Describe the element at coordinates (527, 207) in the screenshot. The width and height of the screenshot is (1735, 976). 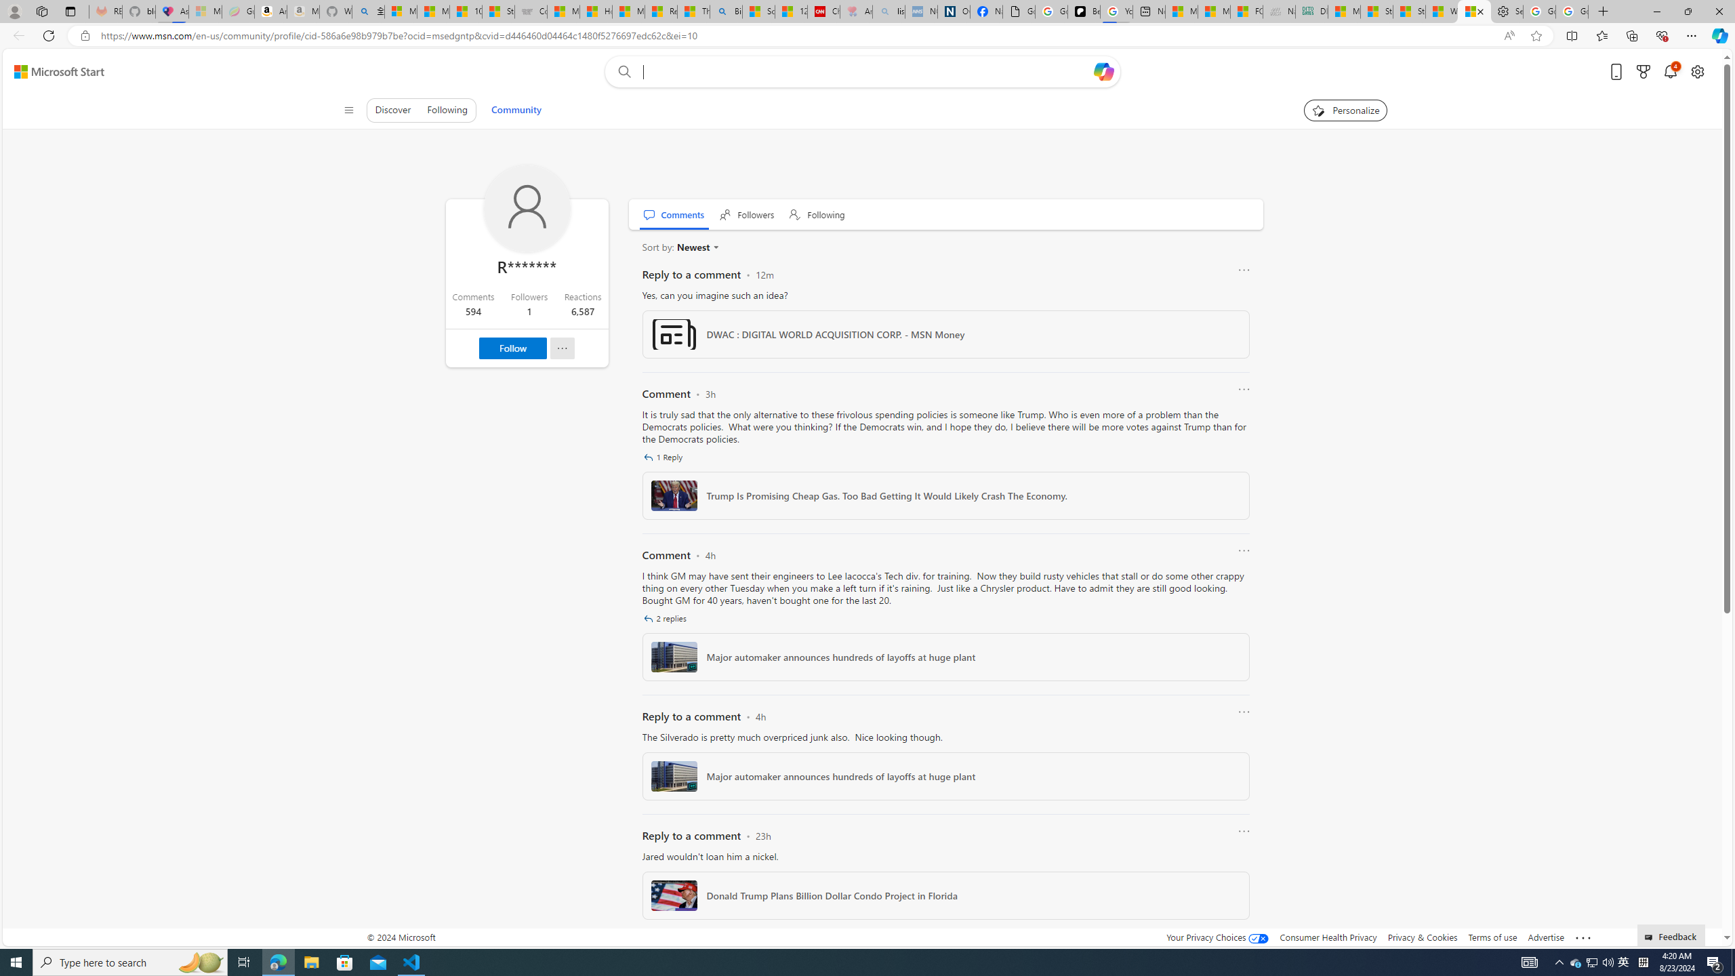
I see `'Profile Picture'` at that location.